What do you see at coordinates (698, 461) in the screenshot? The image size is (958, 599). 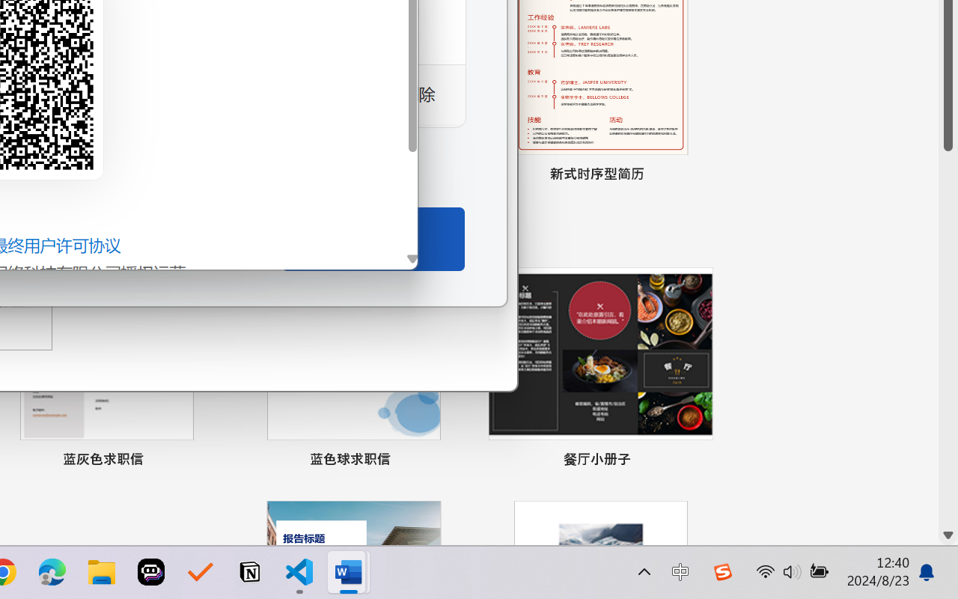 I see `'Pin to list'` at bounding box center [698, 461].